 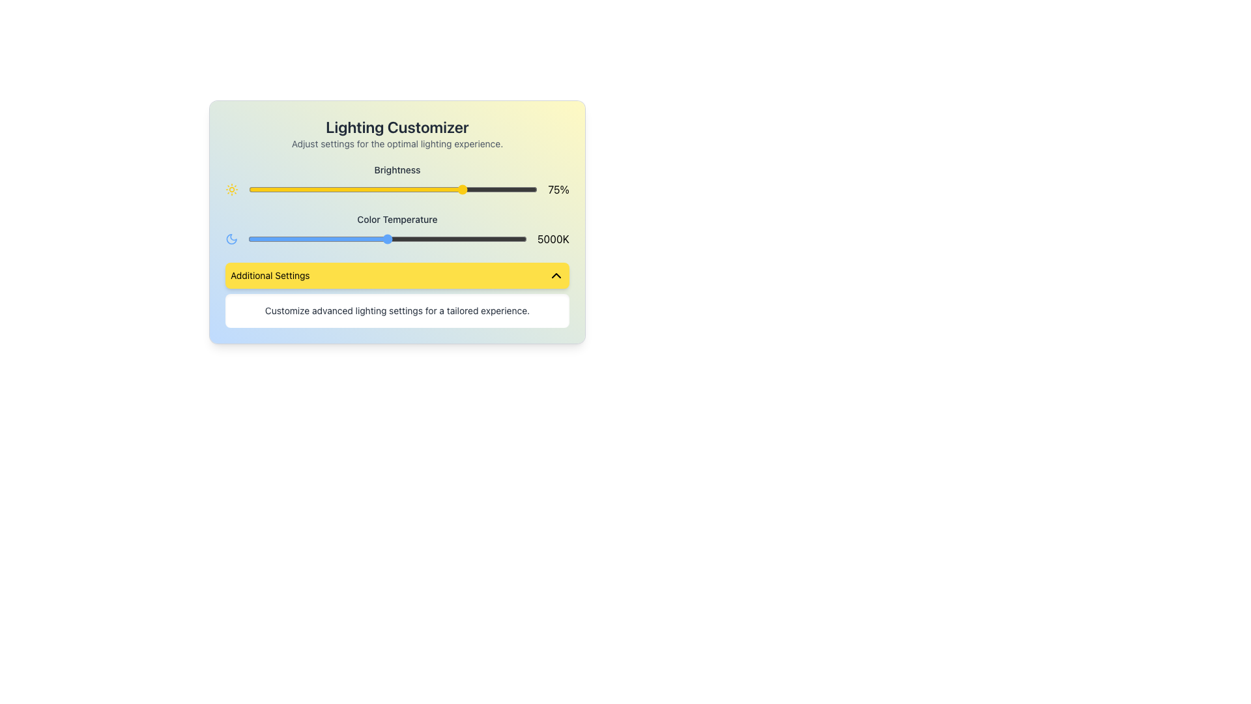 What do you see at coordinates (431, 239) in the screenshot?
I see `the color temperature` at bounding box center [431, 239].